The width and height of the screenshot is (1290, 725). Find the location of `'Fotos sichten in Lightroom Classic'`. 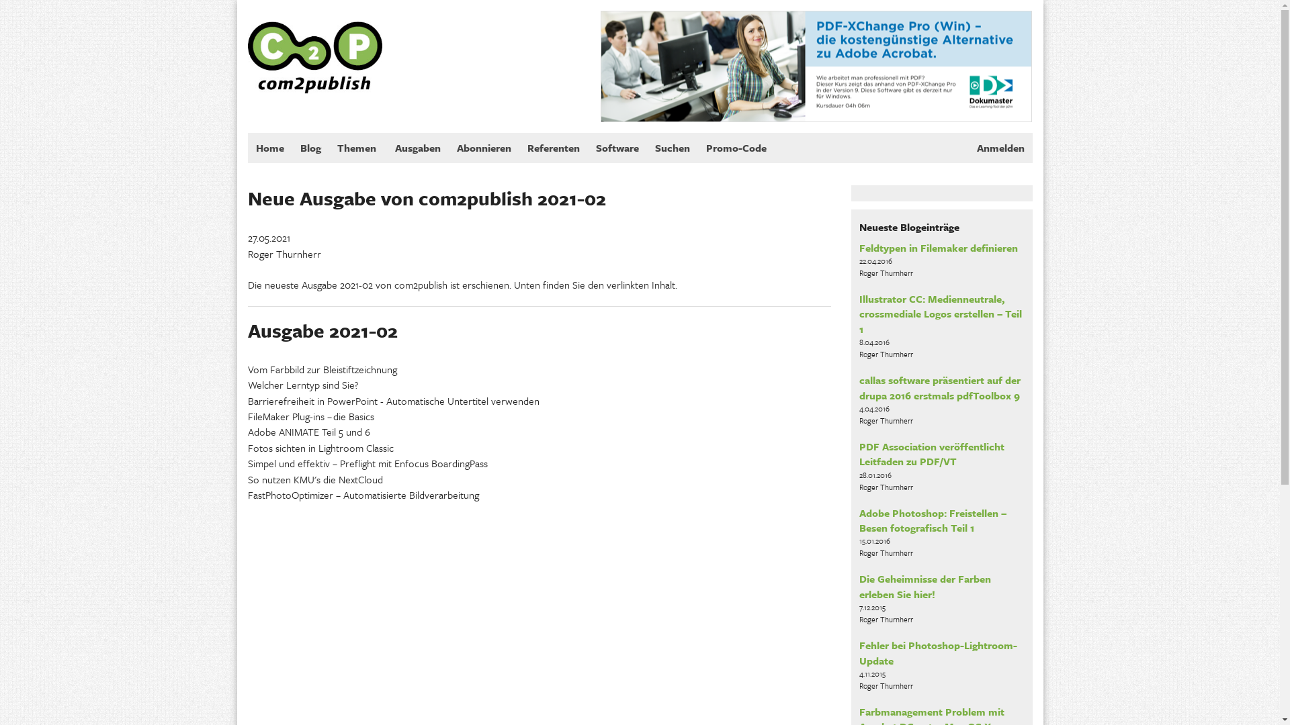

'Fotos sichten in Lightroom Classic' is located at coordinates (319, 448).